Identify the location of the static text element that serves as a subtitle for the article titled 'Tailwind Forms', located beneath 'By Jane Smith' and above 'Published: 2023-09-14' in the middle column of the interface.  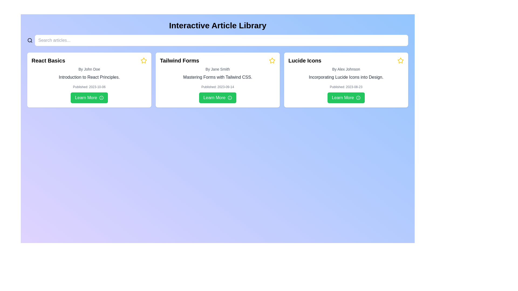
(217, 77).